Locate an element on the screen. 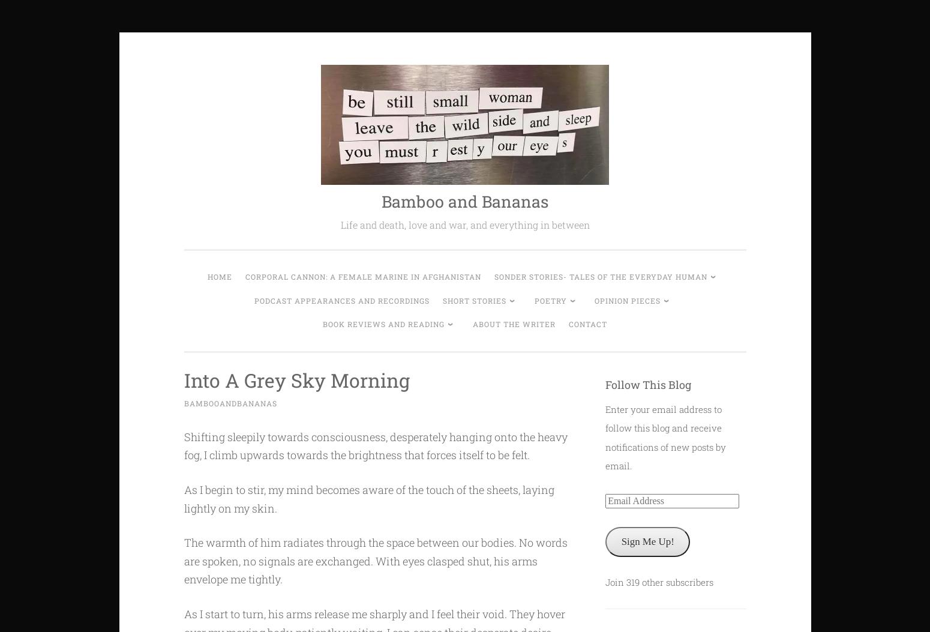  'Join 319 other subscribers' is located at coordinates (658, 582).